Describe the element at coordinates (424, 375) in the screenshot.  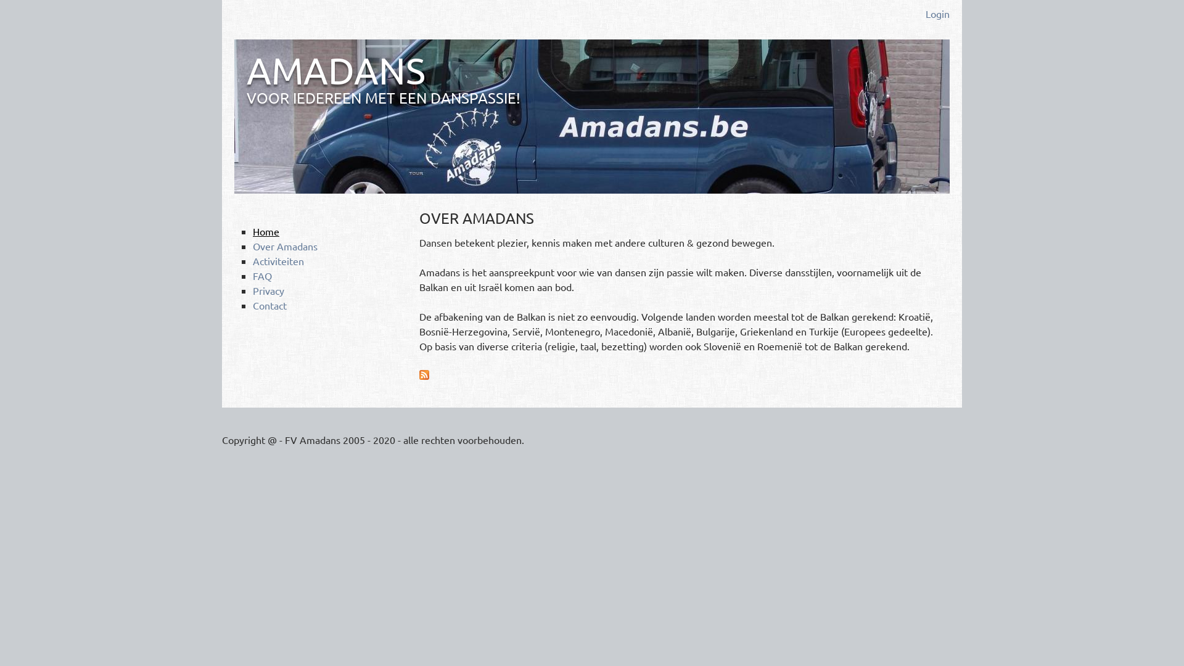
I see `'Abonneren op Amadans RSS'` at that location.